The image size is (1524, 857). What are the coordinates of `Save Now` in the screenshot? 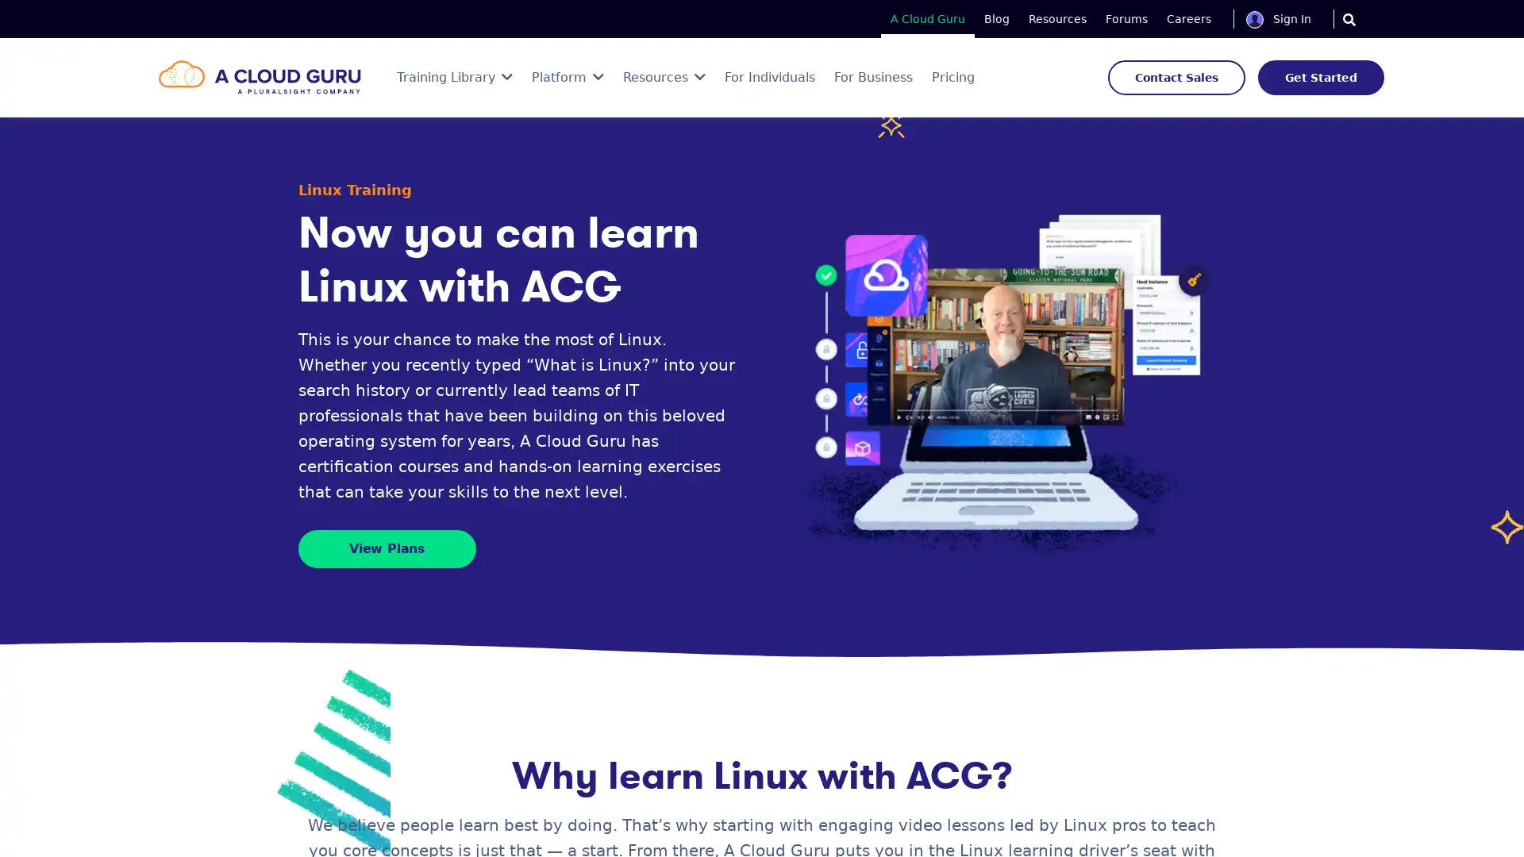 It's located at (1080, 822).